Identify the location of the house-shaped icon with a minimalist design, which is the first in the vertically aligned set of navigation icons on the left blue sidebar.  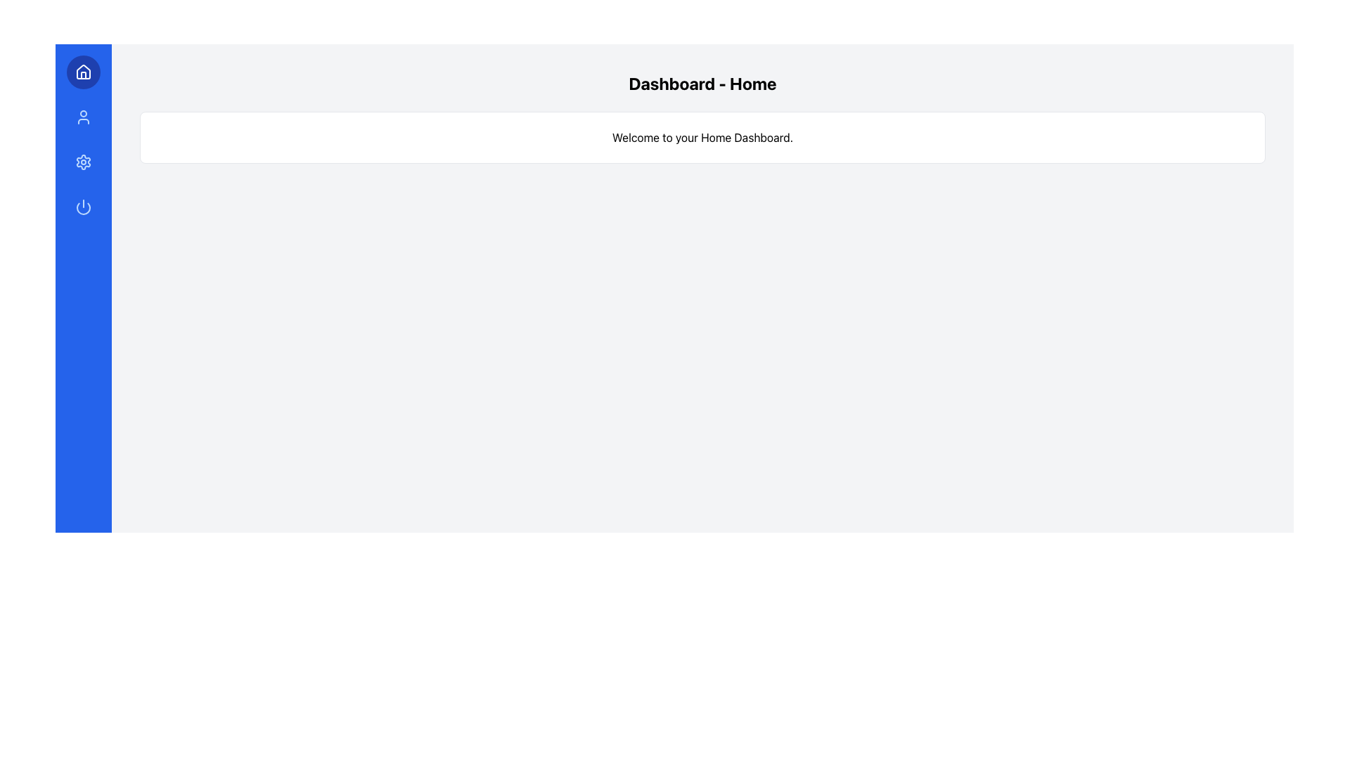
(83, 72).